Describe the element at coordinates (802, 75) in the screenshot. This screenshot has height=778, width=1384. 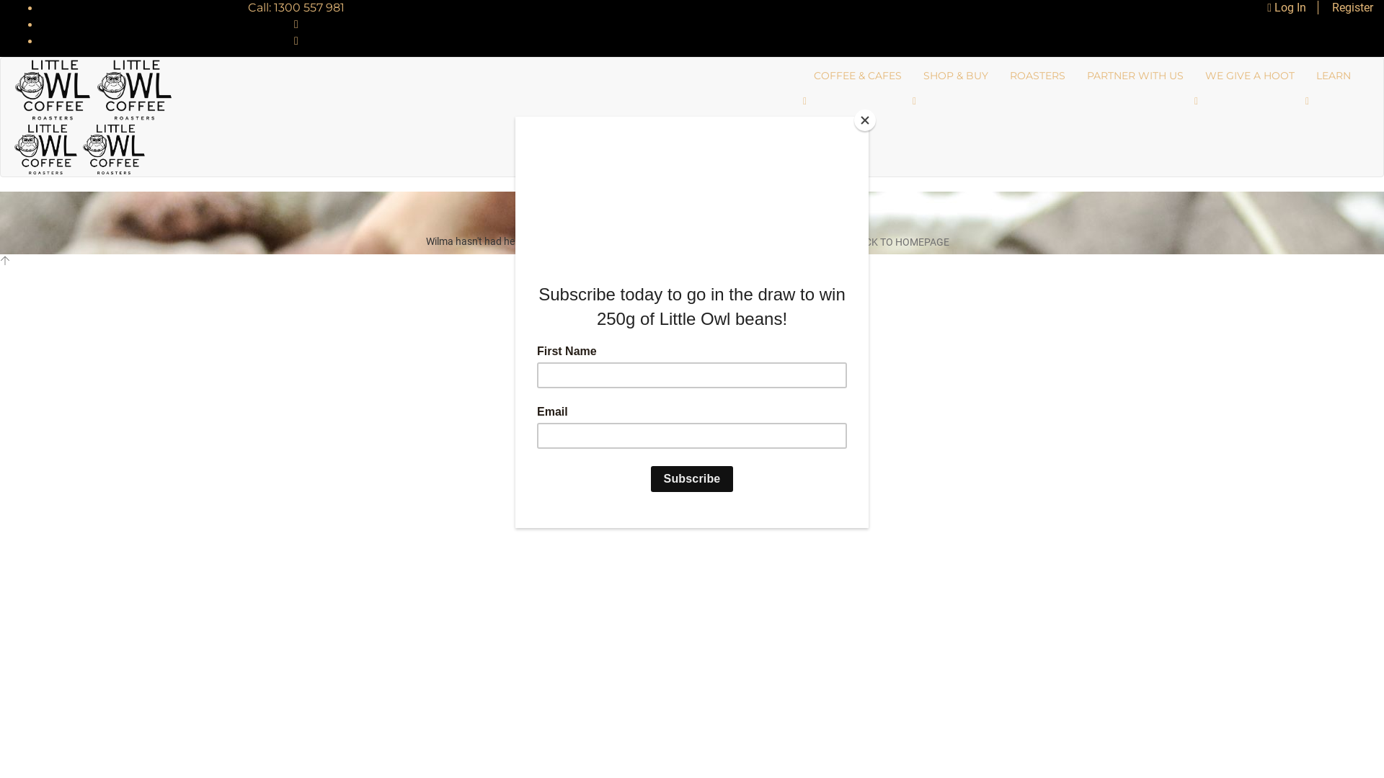
I see `'COFFEE & CAFES'` at that location.